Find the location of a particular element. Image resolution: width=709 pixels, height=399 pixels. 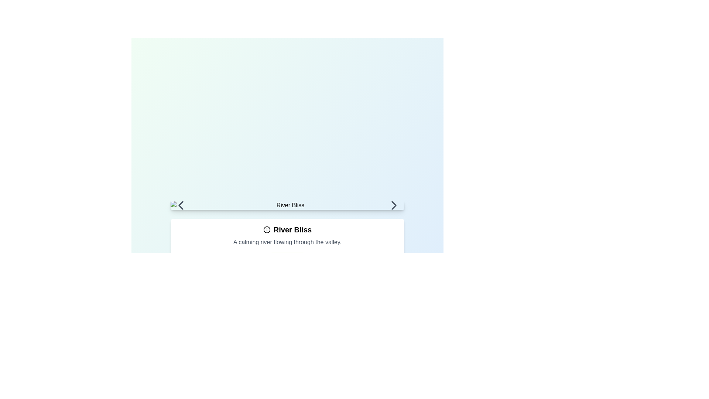

the rightward pointing chevron icon button, which is grey and located at the far-right side of the carousel-like component is located at coordinates (394, 205).